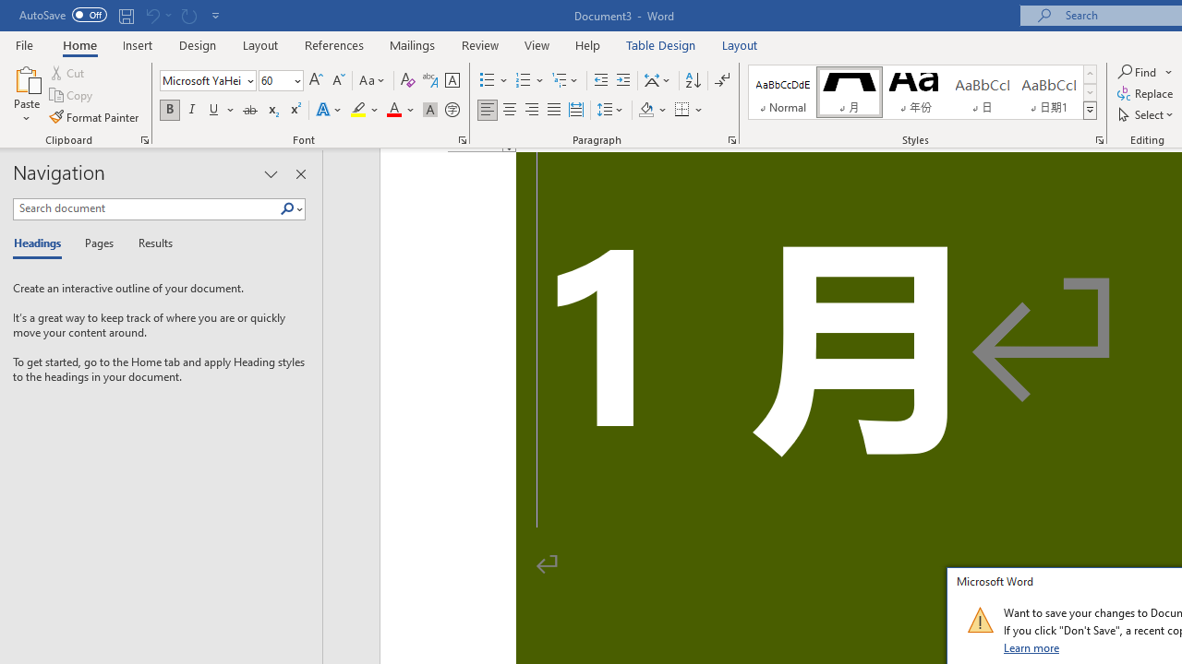  What do you see at coordinates (338, 79) in the screenshot?
I see `'Shrink Font'` at bounding box center [338, 79].